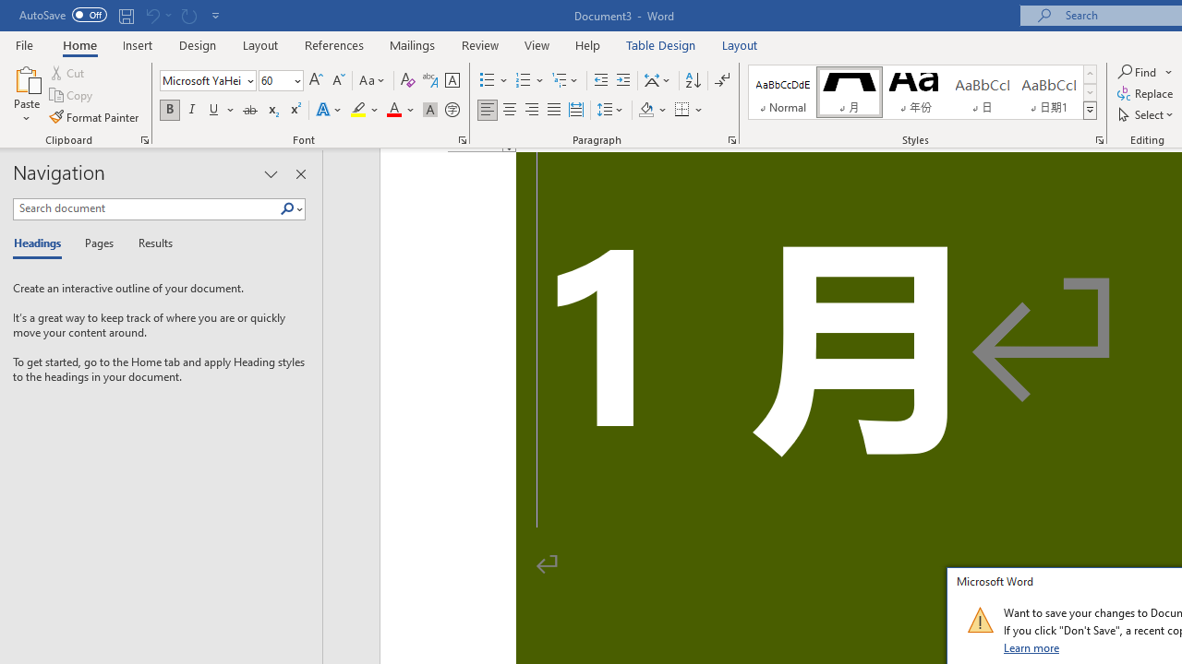  What do you see at coordinates (338, 79) in the screenshot?
I see `'Shrink Font'` at bounding box center [338, 79].